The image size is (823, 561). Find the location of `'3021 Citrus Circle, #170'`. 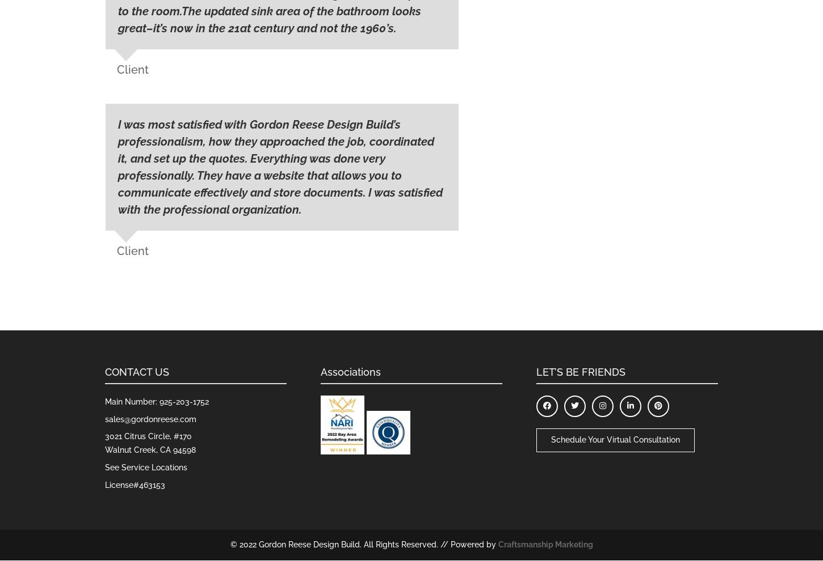

'3021 Citrus Circle, #170' is located at coordinates (148, 436).